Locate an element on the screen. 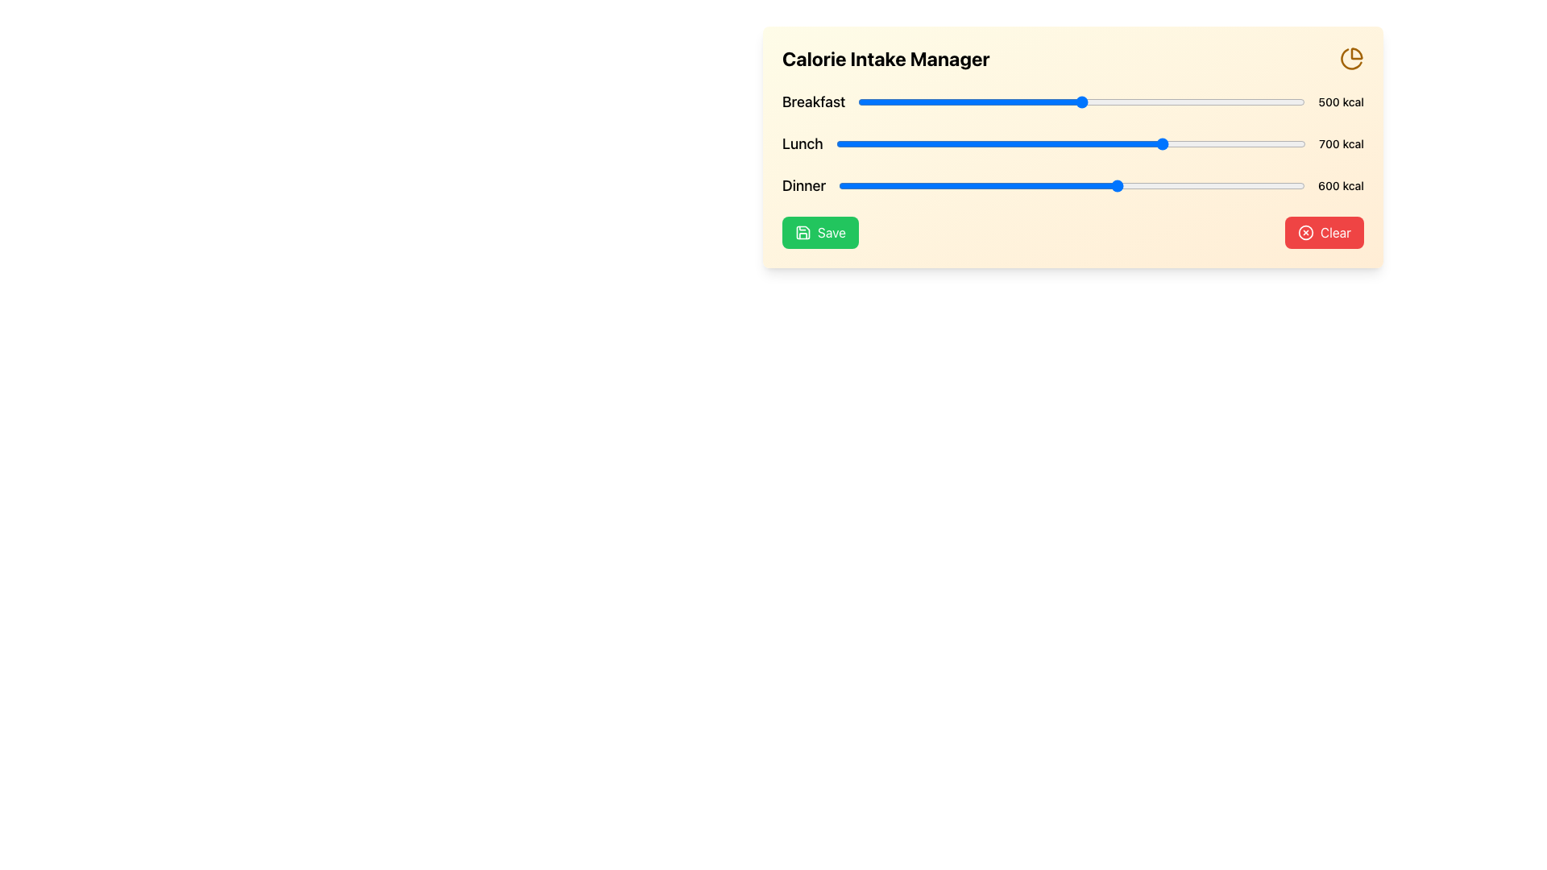 Image resolution: width=1547 pixels, height=870 pixels. the text label located within the red button that indicates a reset or clear function, positioned below the 'Dinner' sliders and to the right of the 'Save' button is located at coordinates (1335, 233).